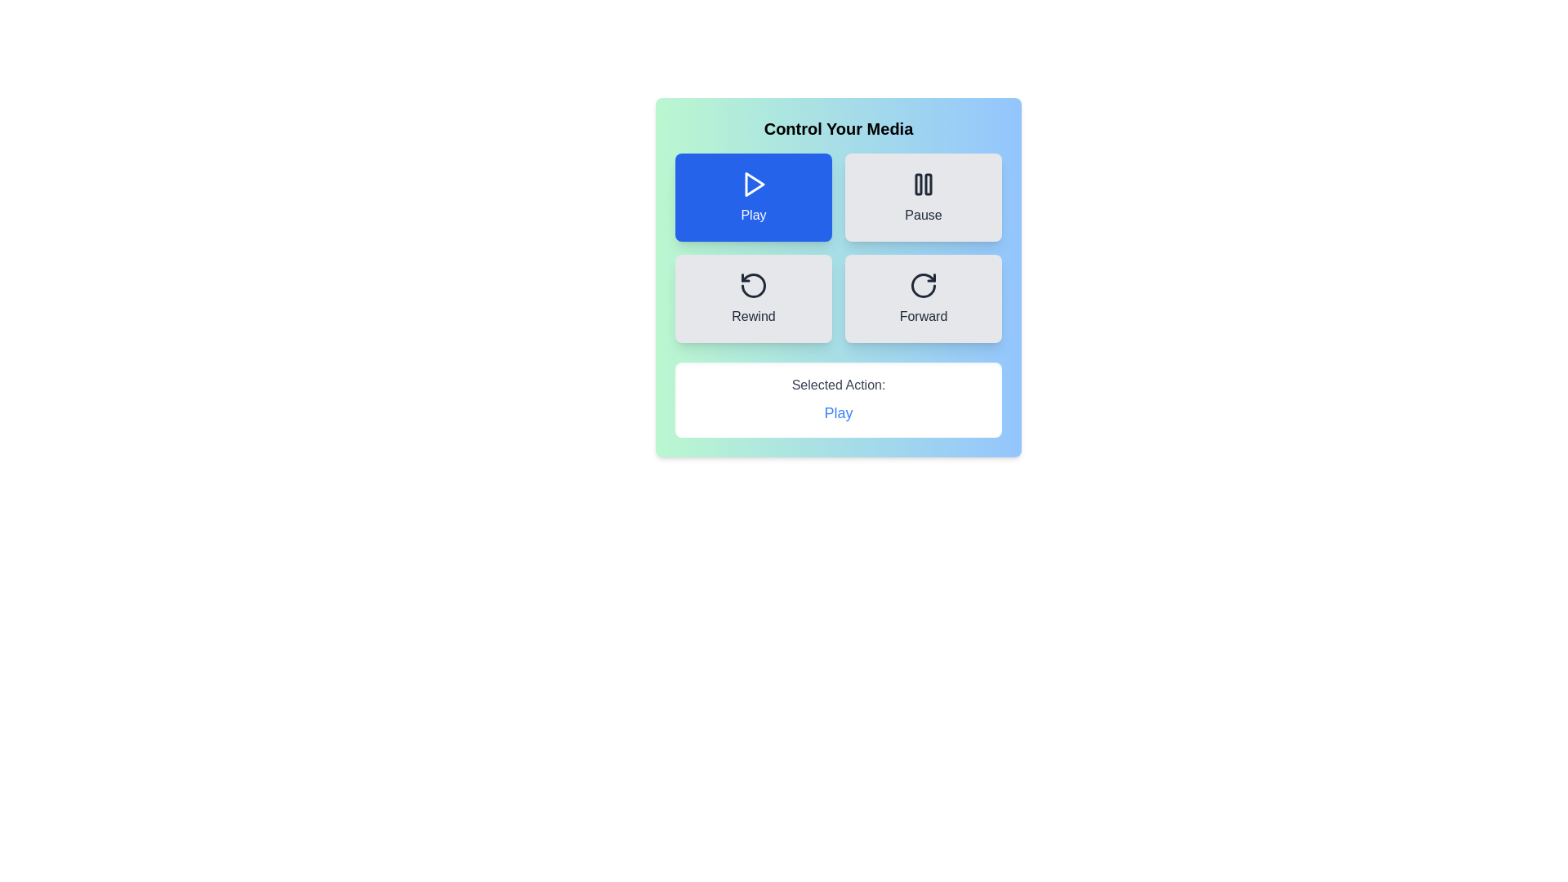 This screenshot has width=1568, height=882. What do you see at coordinates (752, 299) in the screenshot?
I see `the Rewind button to select the corresponding action` at bounding box center [752, 299].